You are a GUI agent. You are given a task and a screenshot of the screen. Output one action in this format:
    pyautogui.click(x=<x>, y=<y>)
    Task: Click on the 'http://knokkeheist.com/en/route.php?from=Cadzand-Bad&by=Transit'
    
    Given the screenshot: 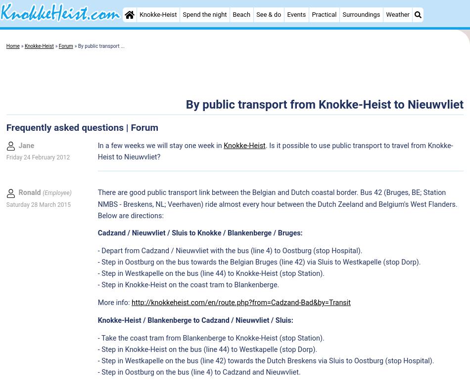 What is the action you would take?
    pyautogui.click(x=240, y=302)
    